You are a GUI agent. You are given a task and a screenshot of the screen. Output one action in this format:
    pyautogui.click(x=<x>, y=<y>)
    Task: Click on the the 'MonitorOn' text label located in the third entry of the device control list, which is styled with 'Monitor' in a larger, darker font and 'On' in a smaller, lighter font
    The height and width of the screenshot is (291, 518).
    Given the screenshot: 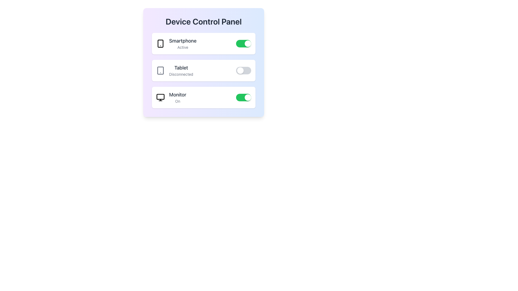 What is the action you would take?
    pyautogui.click(x=178, y=98)
    